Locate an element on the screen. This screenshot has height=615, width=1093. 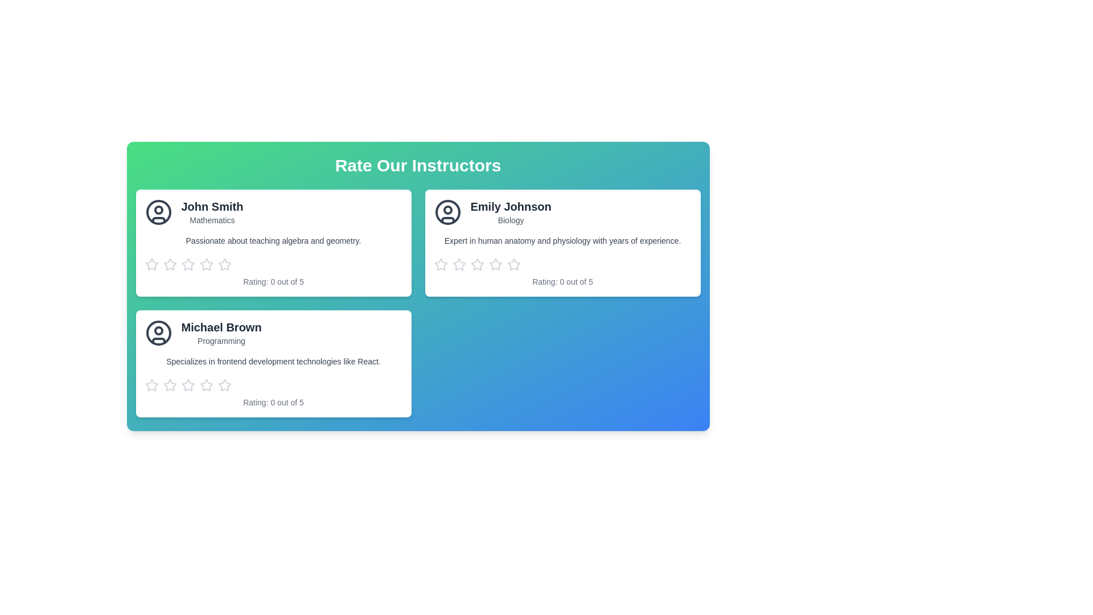
the first hollow star rating icon for keyboard interaction in the rating panel for 'Emily Johnson' is located at coordinates (440, 265).